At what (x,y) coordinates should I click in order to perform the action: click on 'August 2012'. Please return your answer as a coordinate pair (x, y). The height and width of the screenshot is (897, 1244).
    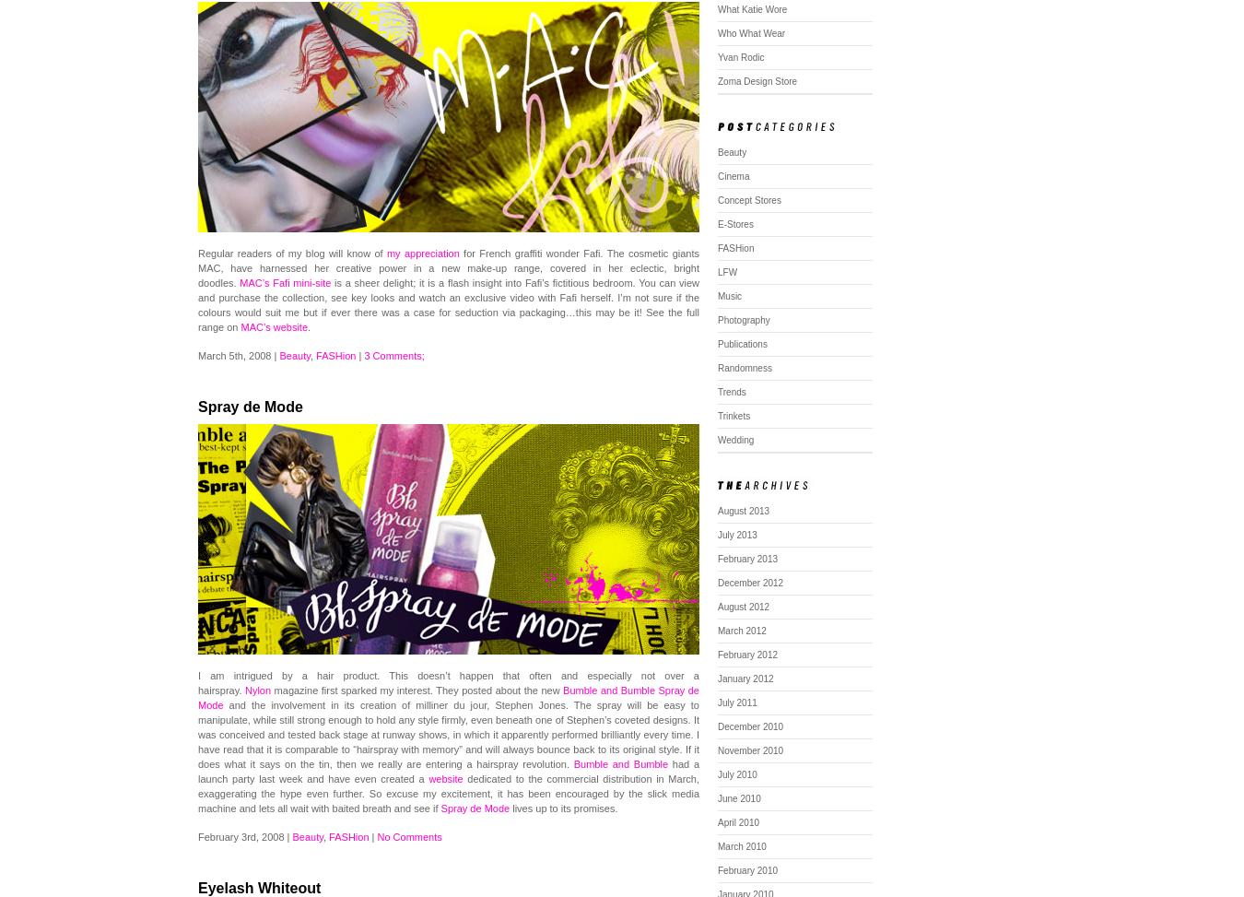
    Looking at the image, I should click on (744, 606).